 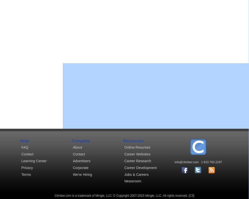 I want to click on 'info@climber.com', so click(x=186, y=162).